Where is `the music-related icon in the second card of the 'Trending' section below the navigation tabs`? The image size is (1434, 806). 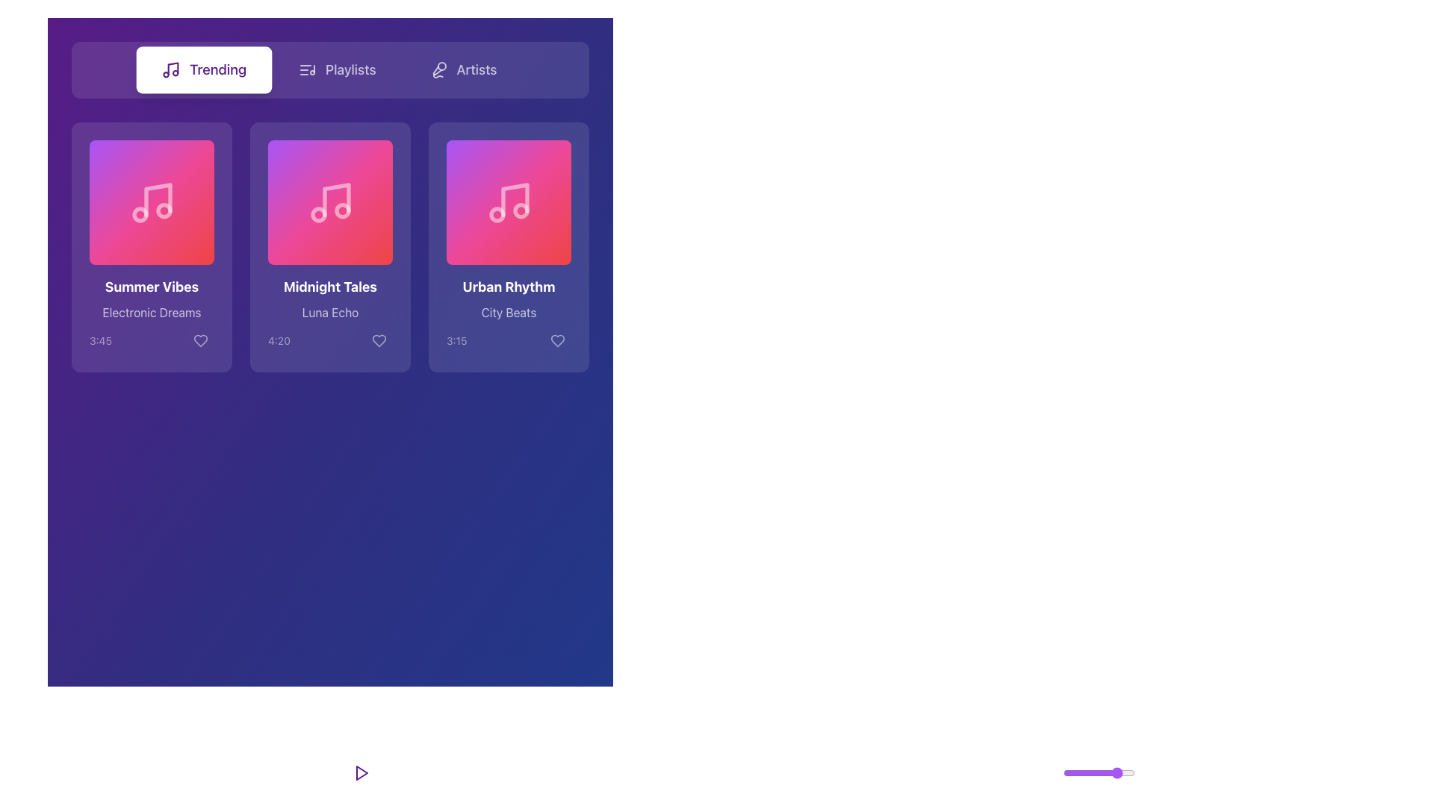
the music-related icon in the second card of the 'Trending' section below the navigation tabs is located at coordinates (329, 202).